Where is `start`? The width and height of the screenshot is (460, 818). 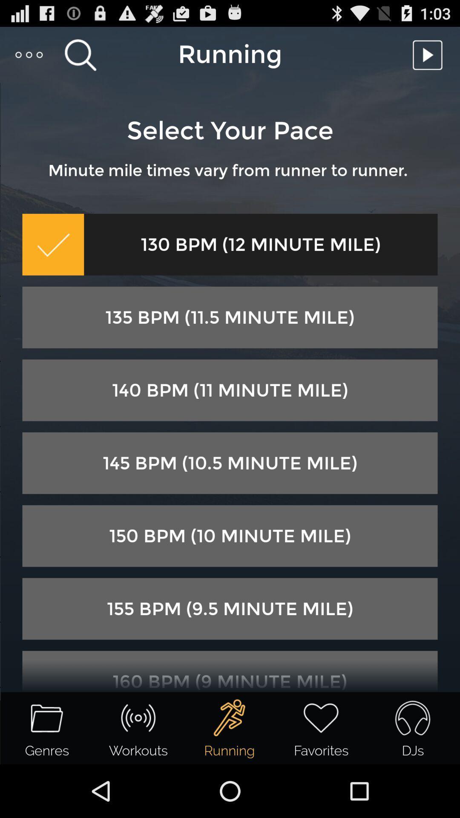 start is located at coordinates (430, 54).